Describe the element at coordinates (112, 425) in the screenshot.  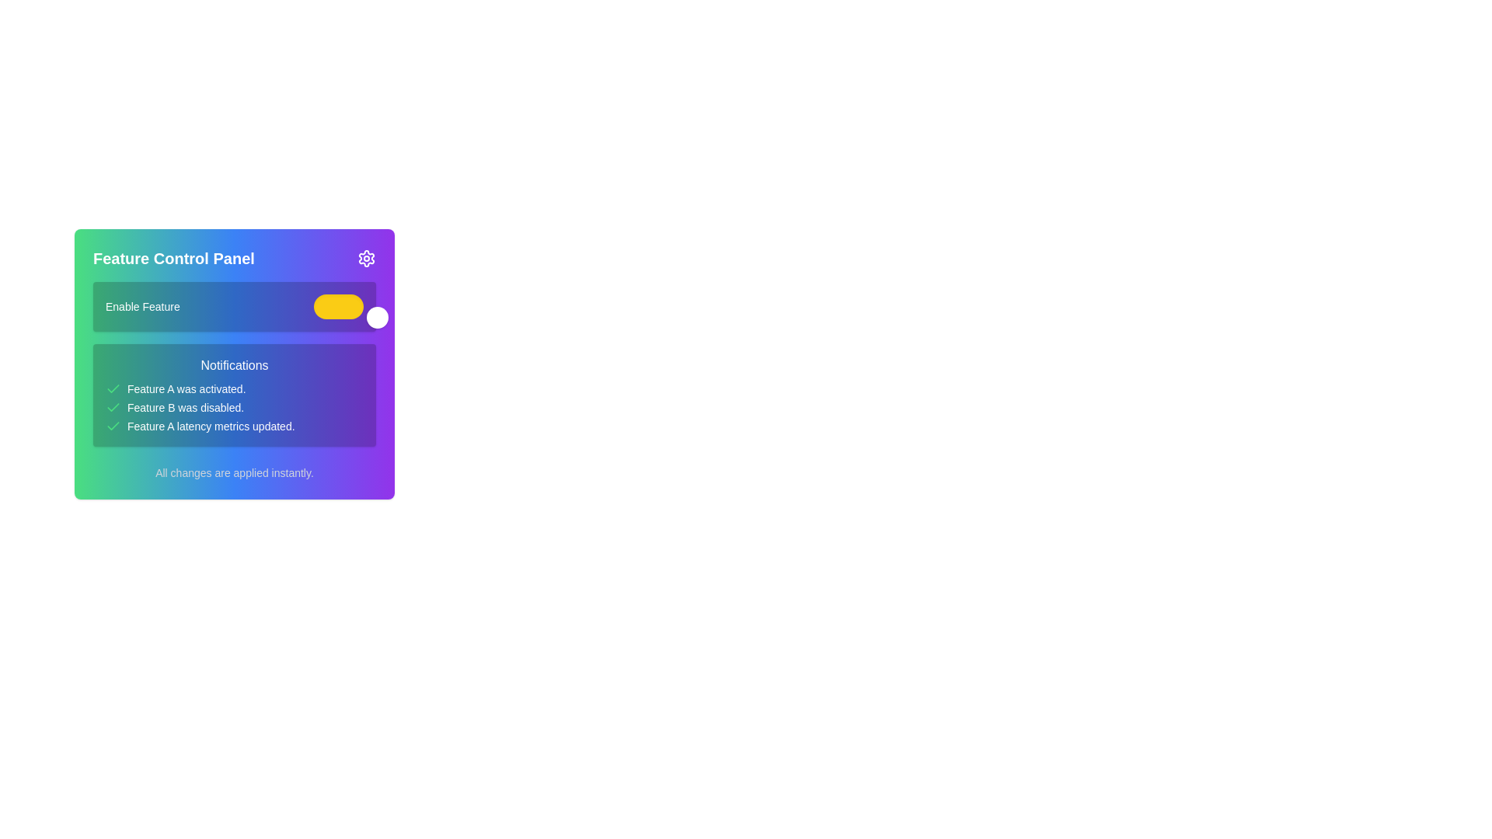
I see `the confirmation status represented by the first icon in the 'Notifications' section indicating that 'Feature A was activated.'` at that location.